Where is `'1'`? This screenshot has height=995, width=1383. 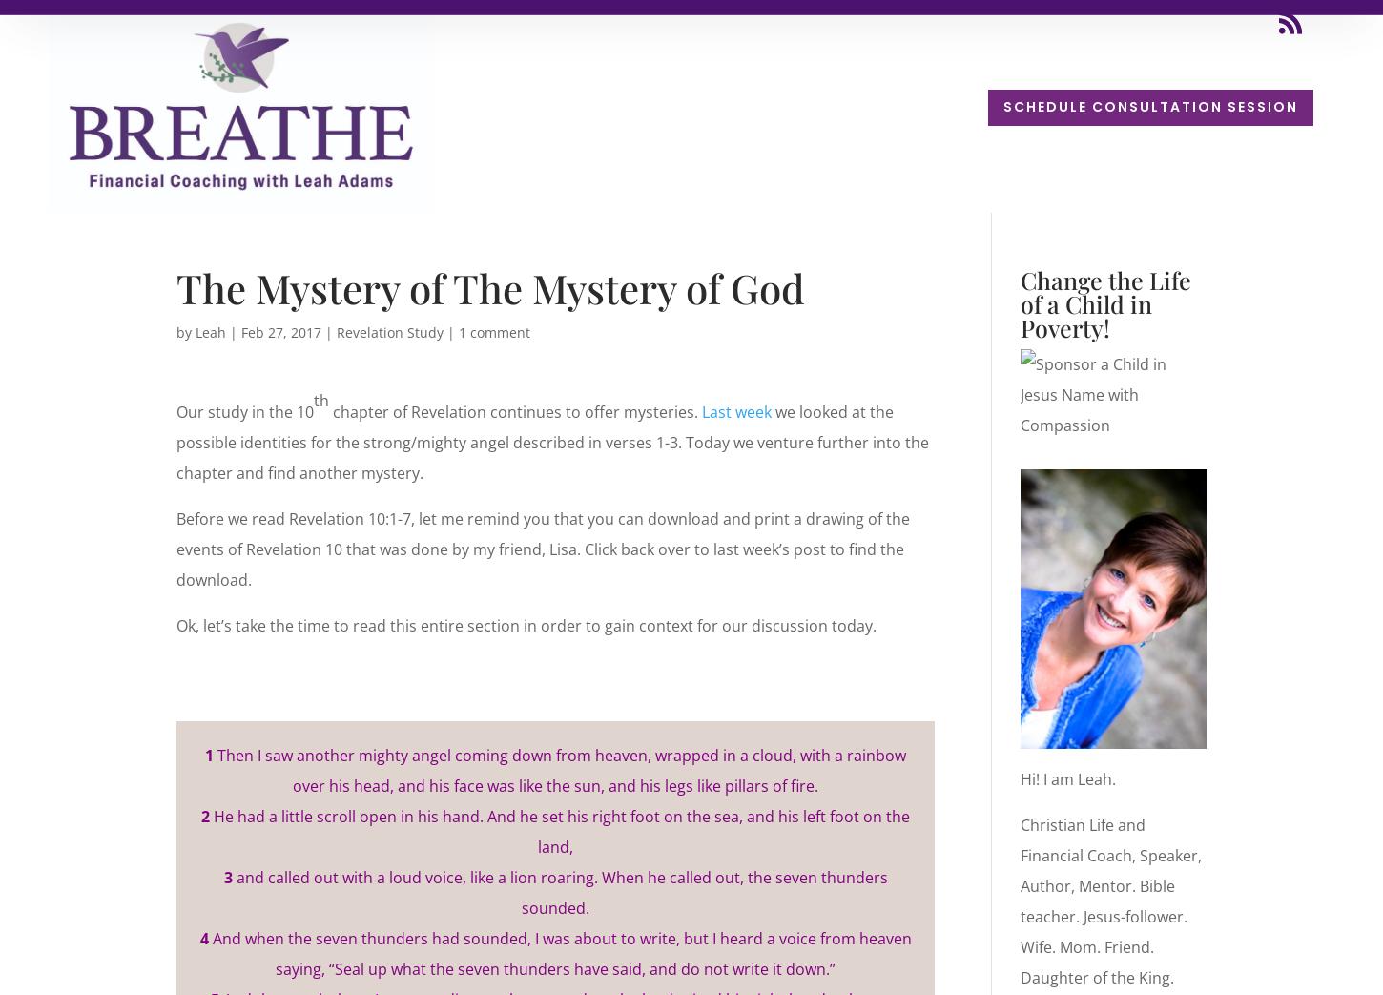
'1' is located at coordinates (208, 754).